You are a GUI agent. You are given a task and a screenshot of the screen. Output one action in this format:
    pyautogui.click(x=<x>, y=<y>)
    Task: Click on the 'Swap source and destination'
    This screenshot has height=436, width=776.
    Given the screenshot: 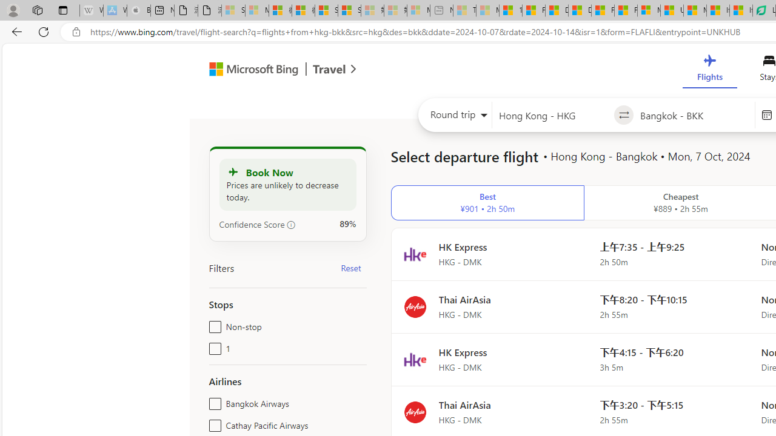 What is the action you would take?
    pyautogui.click(x=624, y=115)
    